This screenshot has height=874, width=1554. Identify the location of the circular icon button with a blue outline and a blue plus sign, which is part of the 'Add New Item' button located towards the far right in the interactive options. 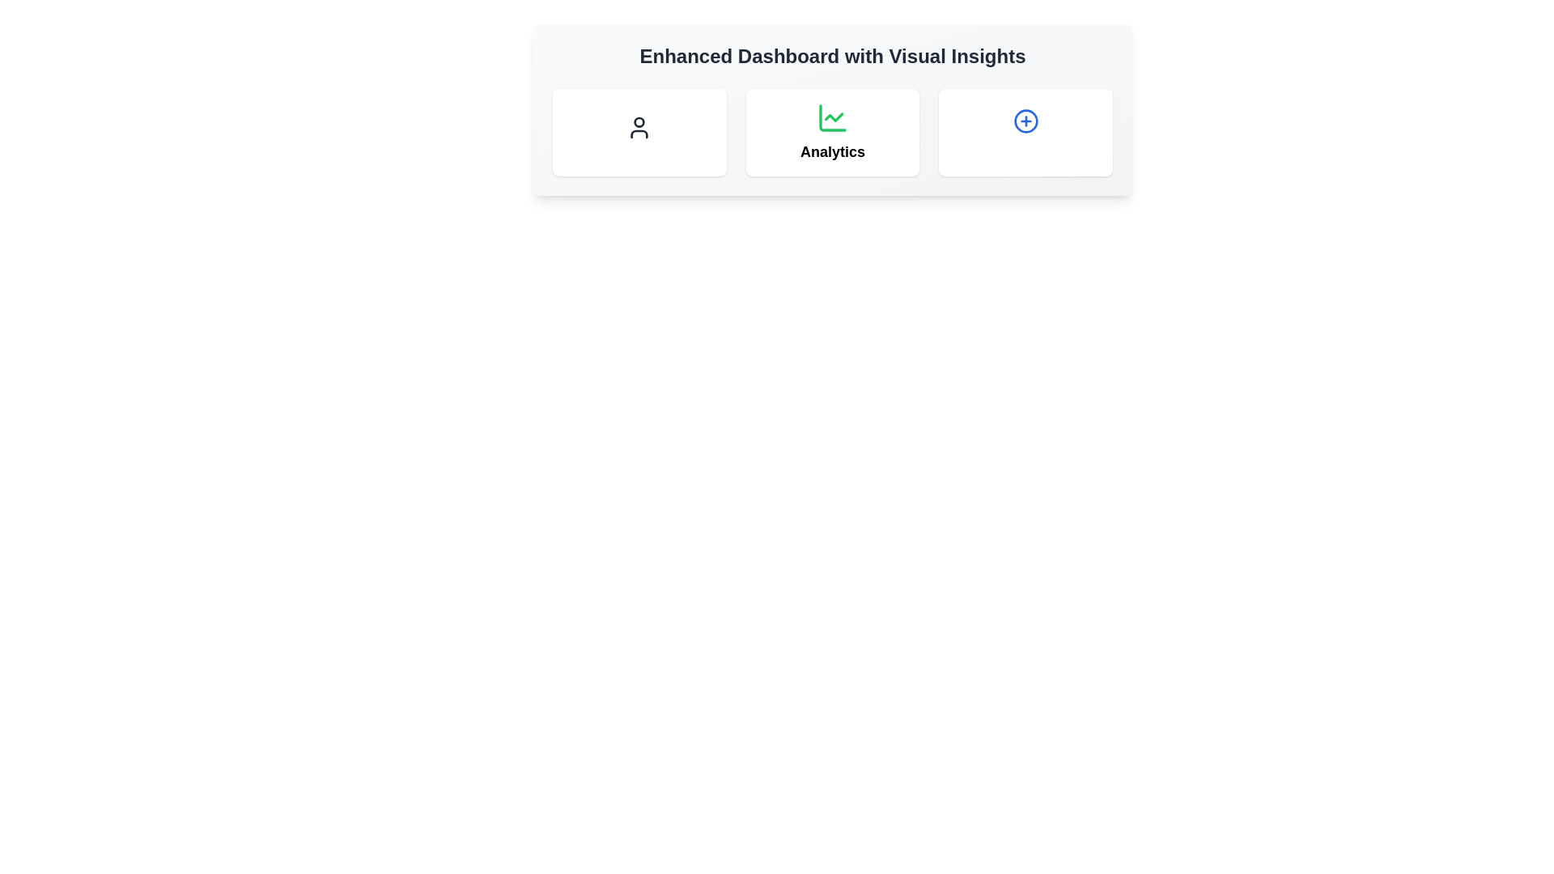
(1025, 121).